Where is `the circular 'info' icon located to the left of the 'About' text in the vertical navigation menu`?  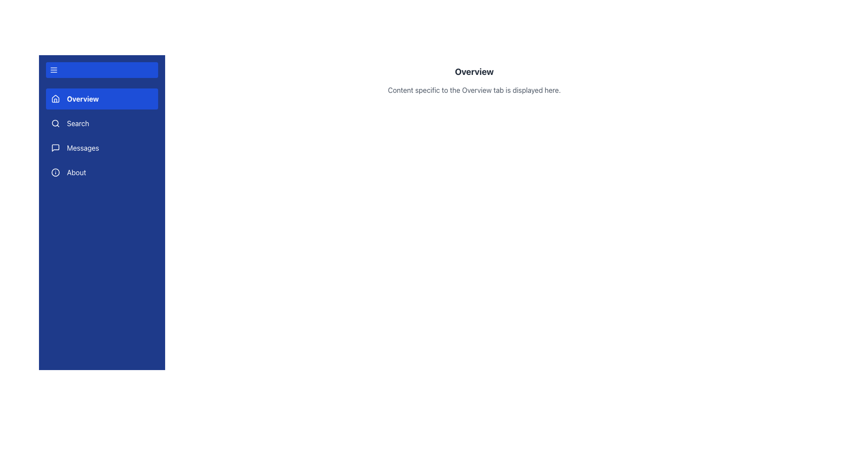 the circular 'info' icon located to the left of the 'About' text in the vertical navigation menu is located at coordinates (55, 172).